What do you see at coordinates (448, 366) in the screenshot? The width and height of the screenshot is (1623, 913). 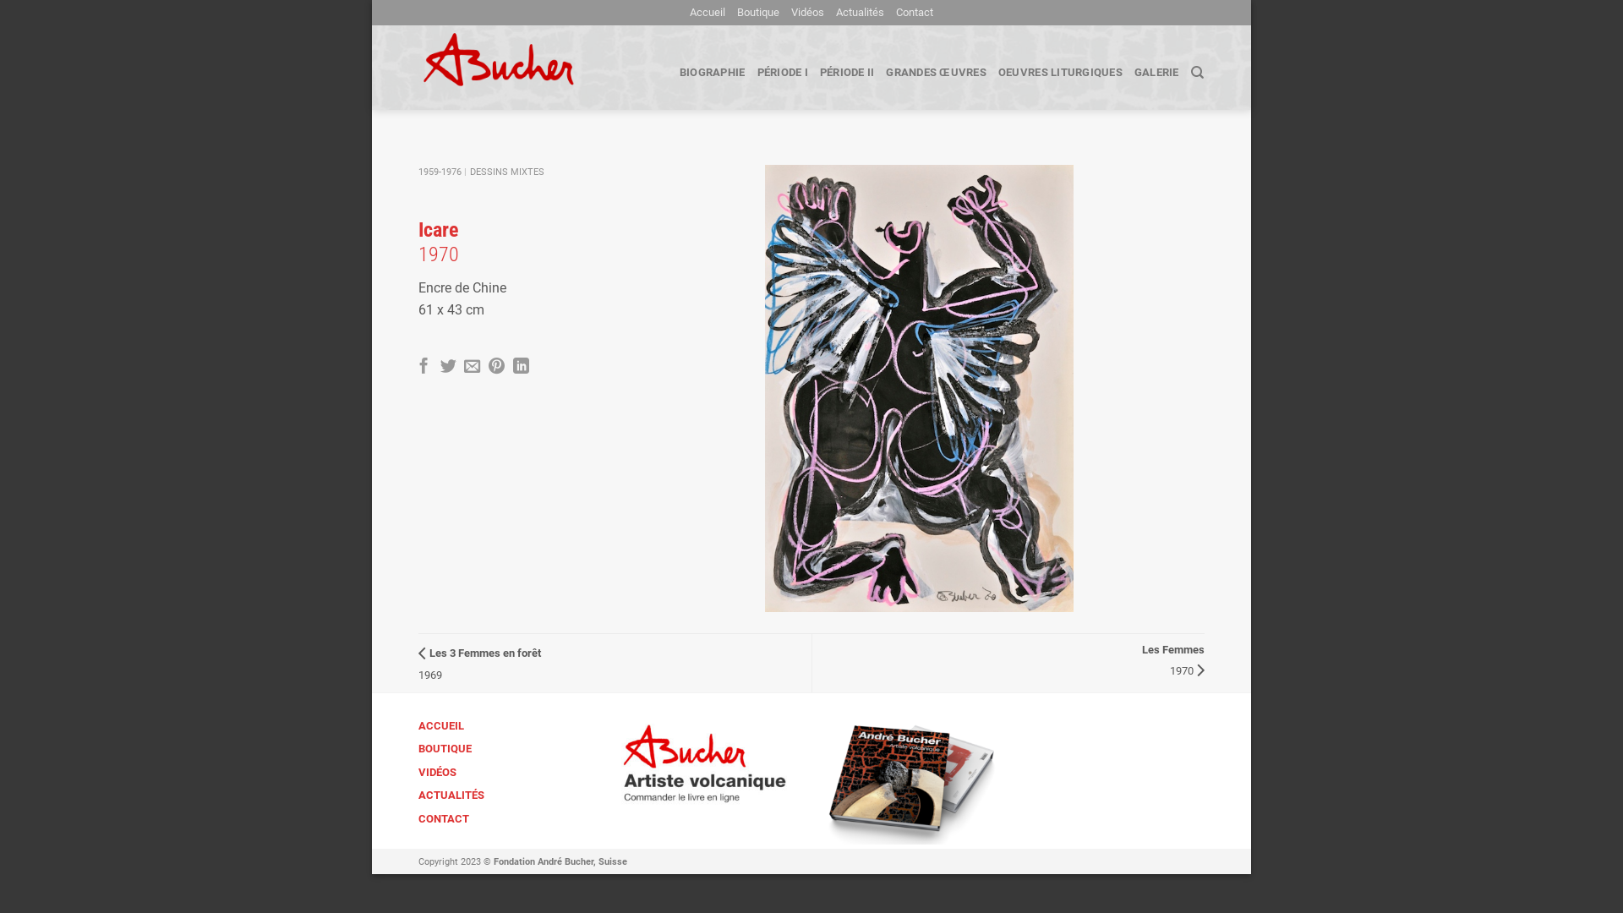 I see `'Partager sur Twitter'` at bounding box center [448, 366].